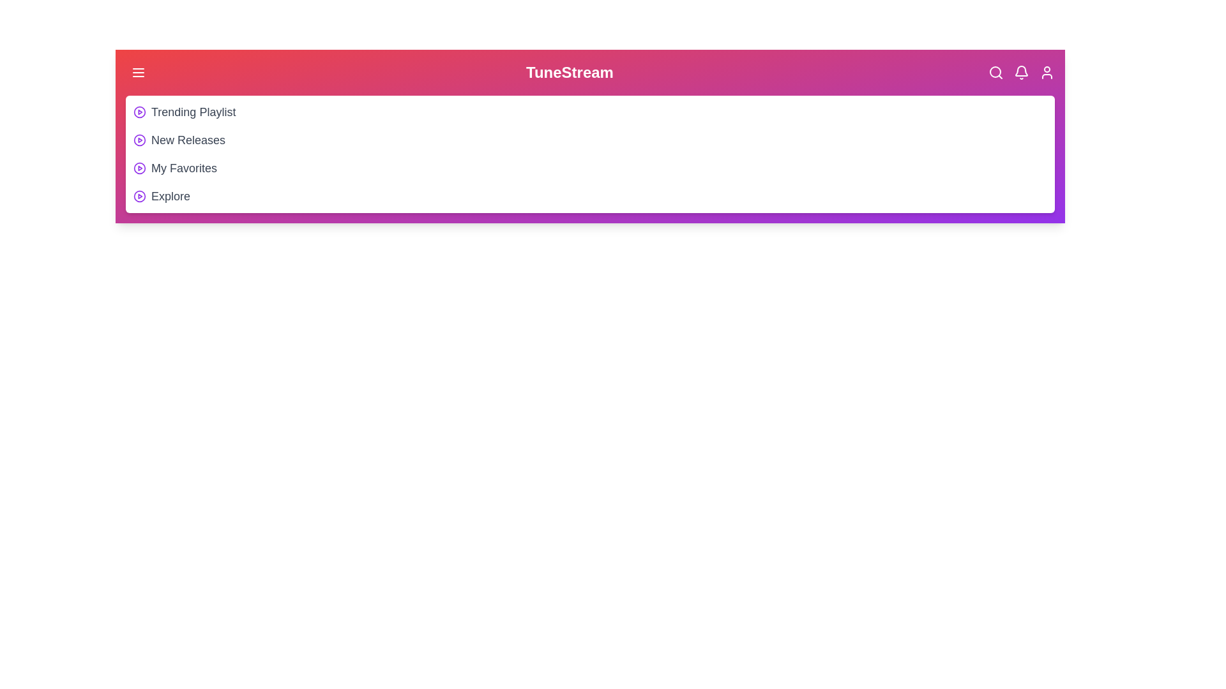 The height and width of the screenshot is (689, 1226). I want to click on the Search icon in the header, so click(995, 73).